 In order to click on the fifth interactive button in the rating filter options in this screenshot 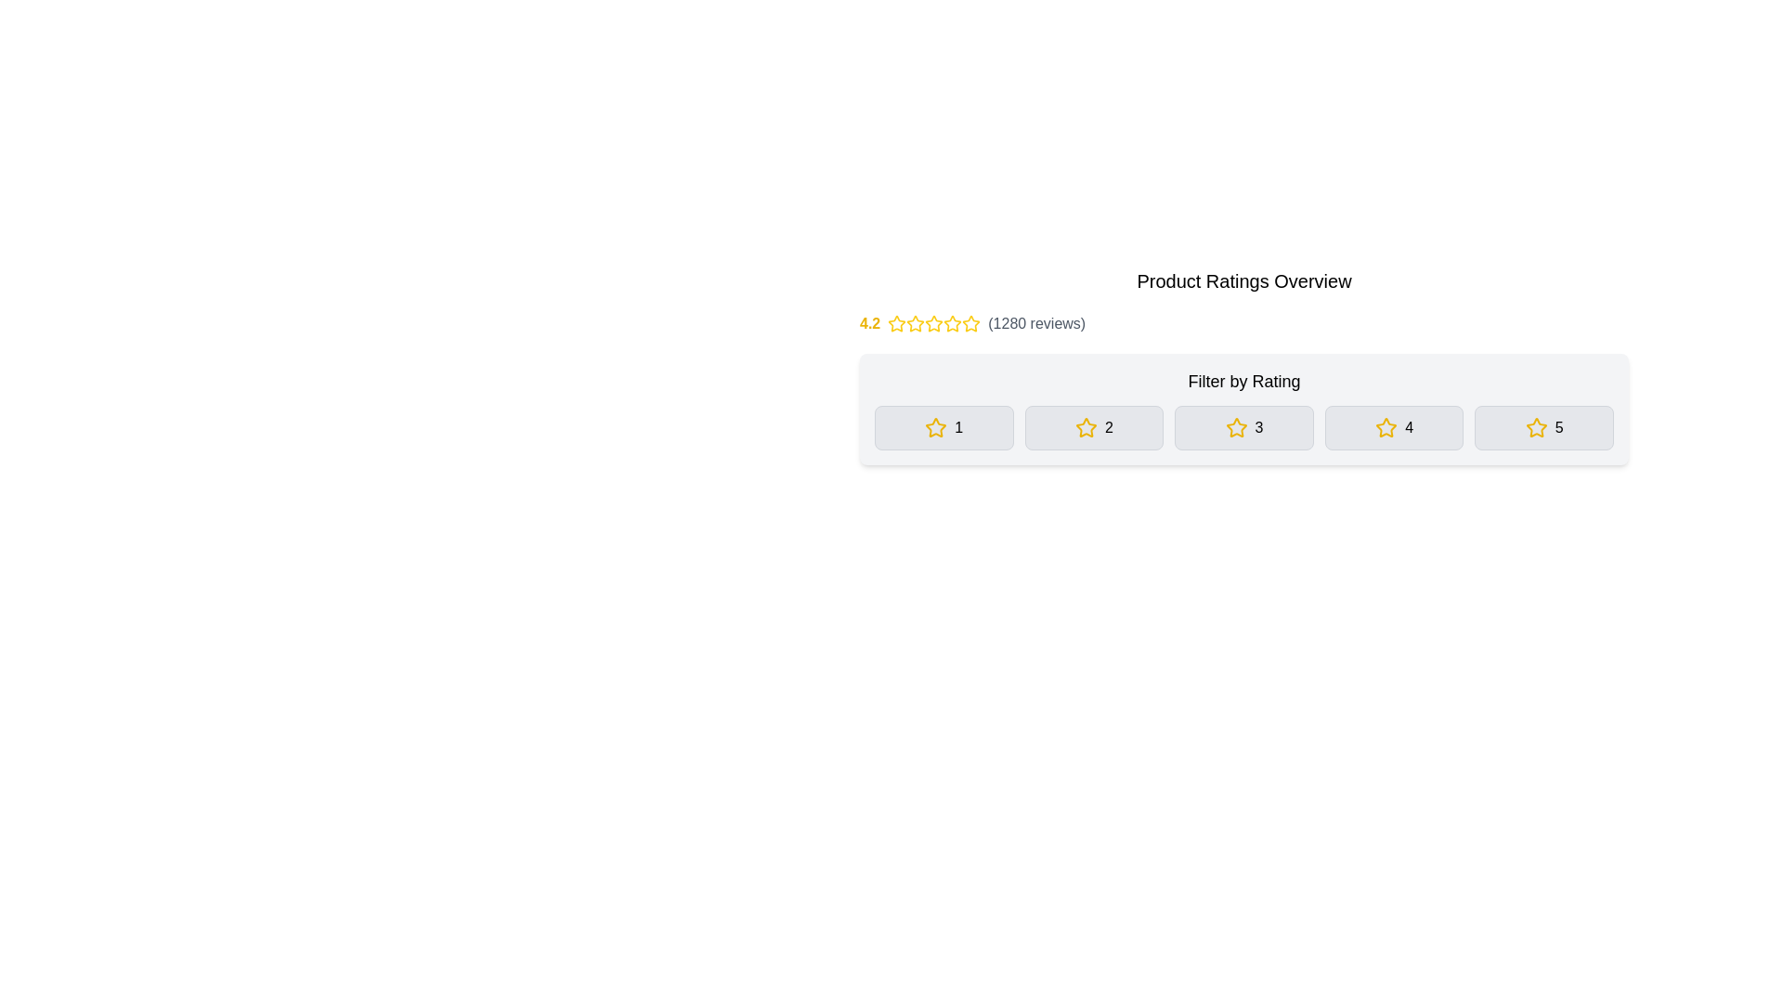, I will do `click(1544, 428)`.